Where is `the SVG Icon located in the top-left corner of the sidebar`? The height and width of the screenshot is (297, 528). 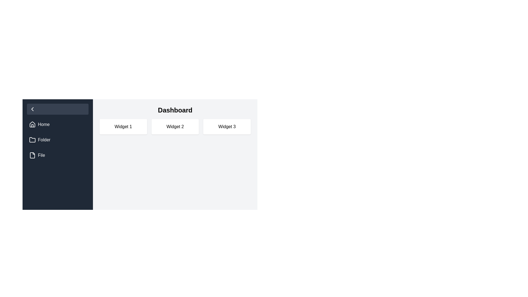 the SVG Icon located in the top-left corner of the sidebar is located at coordinates (32, 109).